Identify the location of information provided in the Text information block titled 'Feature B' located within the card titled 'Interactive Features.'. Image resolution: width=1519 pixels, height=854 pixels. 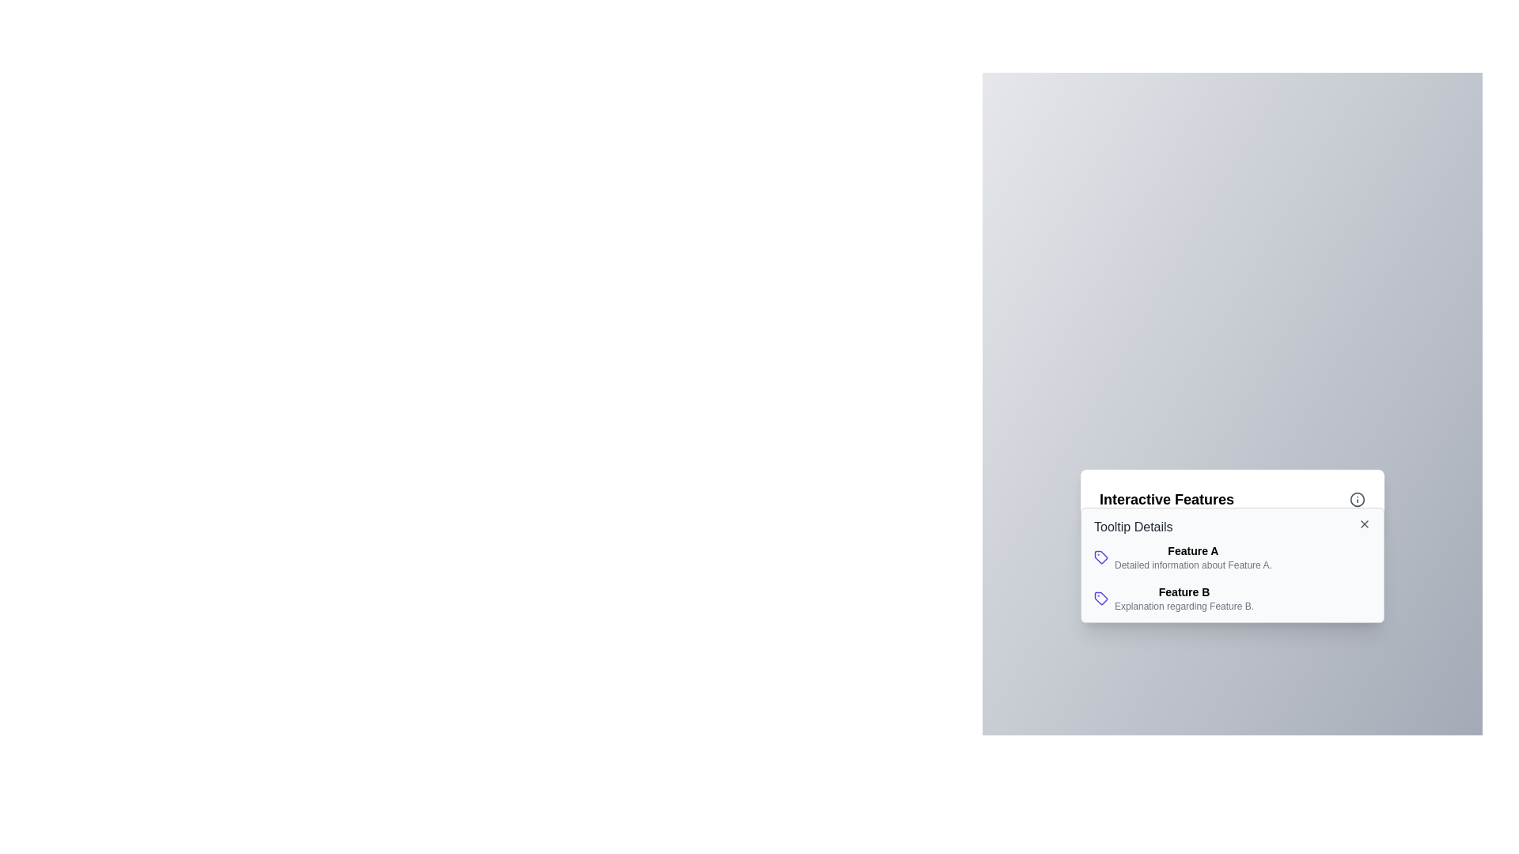
(1184, 598).